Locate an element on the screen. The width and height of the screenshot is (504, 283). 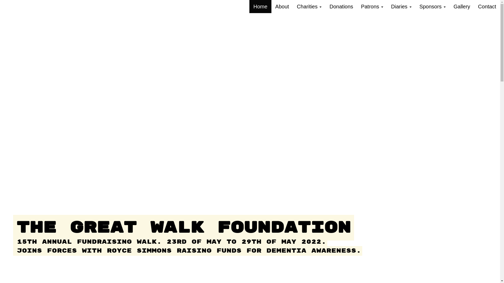
'Gallery' is located at coordinates (461, 6).